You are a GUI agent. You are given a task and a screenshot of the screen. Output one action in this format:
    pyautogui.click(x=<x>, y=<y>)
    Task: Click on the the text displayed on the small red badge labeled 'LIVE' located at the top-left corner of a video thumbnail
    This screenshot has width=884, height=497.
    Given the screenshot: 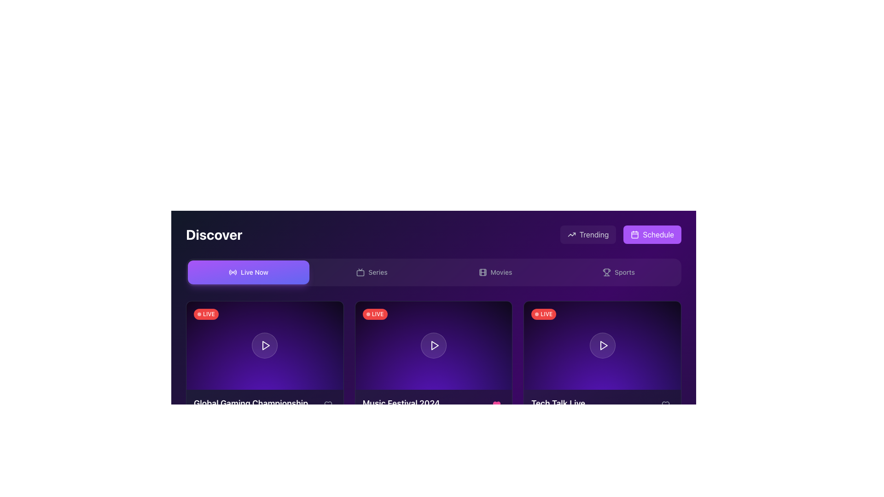 What is the action you would take?
    pyautogui.click(x=544, y=313)
    